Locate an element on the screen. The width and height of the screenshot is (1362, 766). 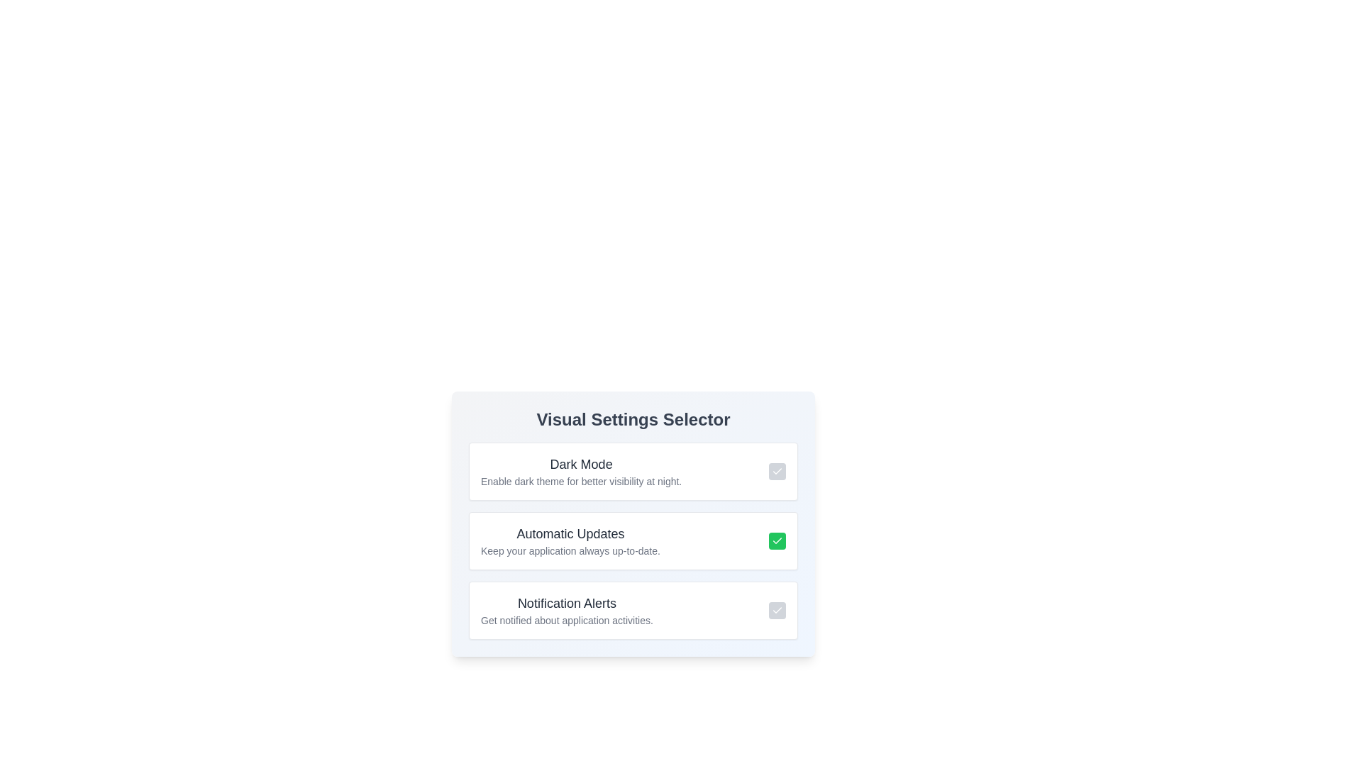
the text label located directly below the 'Dark Mode' title, which is in gray color and smaller font size is located at coordinates (581, 480).